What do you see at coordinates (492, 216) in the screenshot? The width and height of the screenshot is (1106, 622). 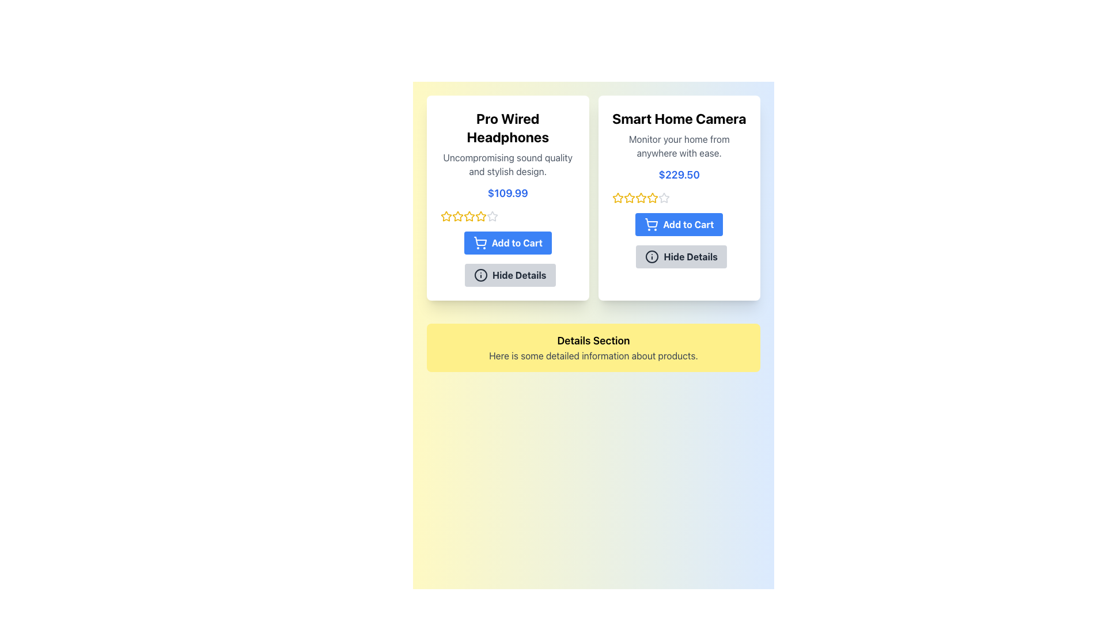 I see `the fifth star icon in the rating system under the '$109.99' text of the 'Pro Wired Headphones' card to rate it` at bounding box center [492, 216].